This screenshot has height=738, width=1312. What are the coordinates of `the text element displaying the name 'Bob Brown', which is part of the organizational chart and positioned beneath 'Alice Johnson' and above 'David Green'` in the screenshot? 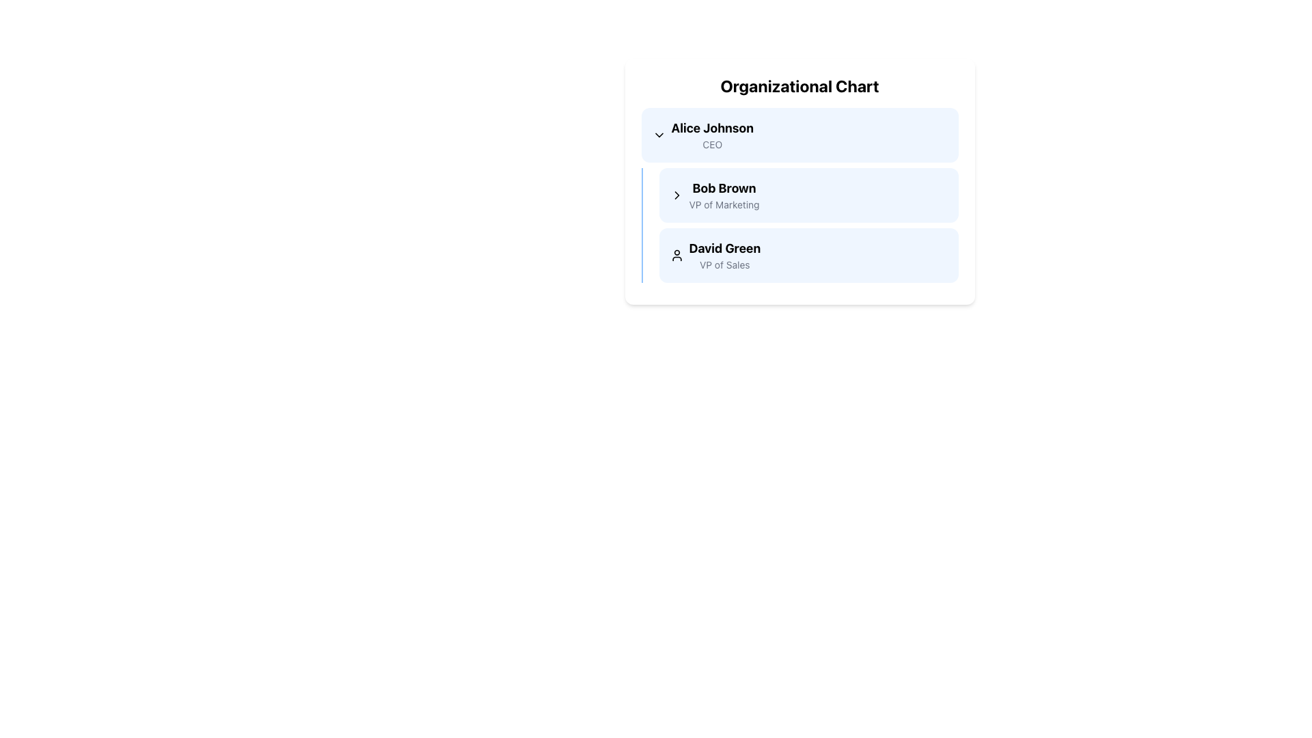 It's located at (724, 189).